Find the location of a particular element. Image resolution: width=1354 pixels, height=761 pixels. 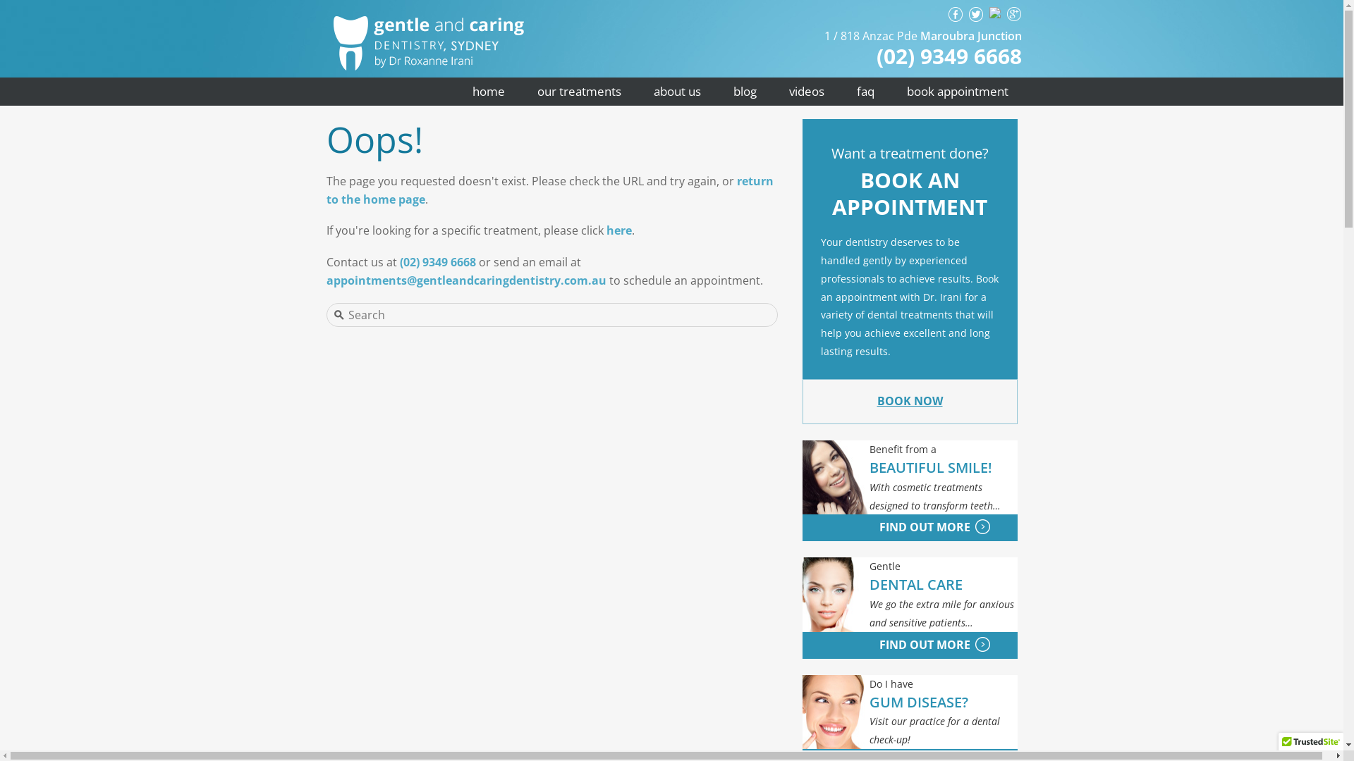

'Search' is located at coordinates (527, 314).